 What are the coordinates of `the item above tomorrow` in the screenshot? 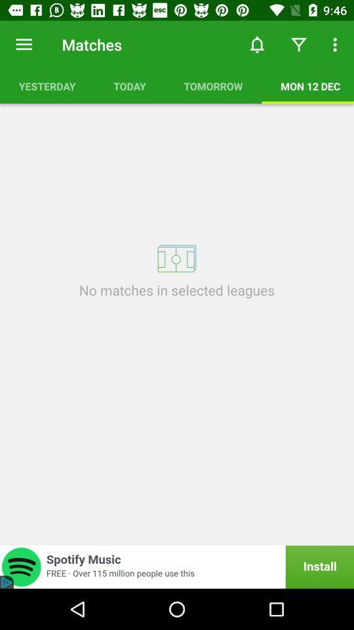 It's located at (258, 45).